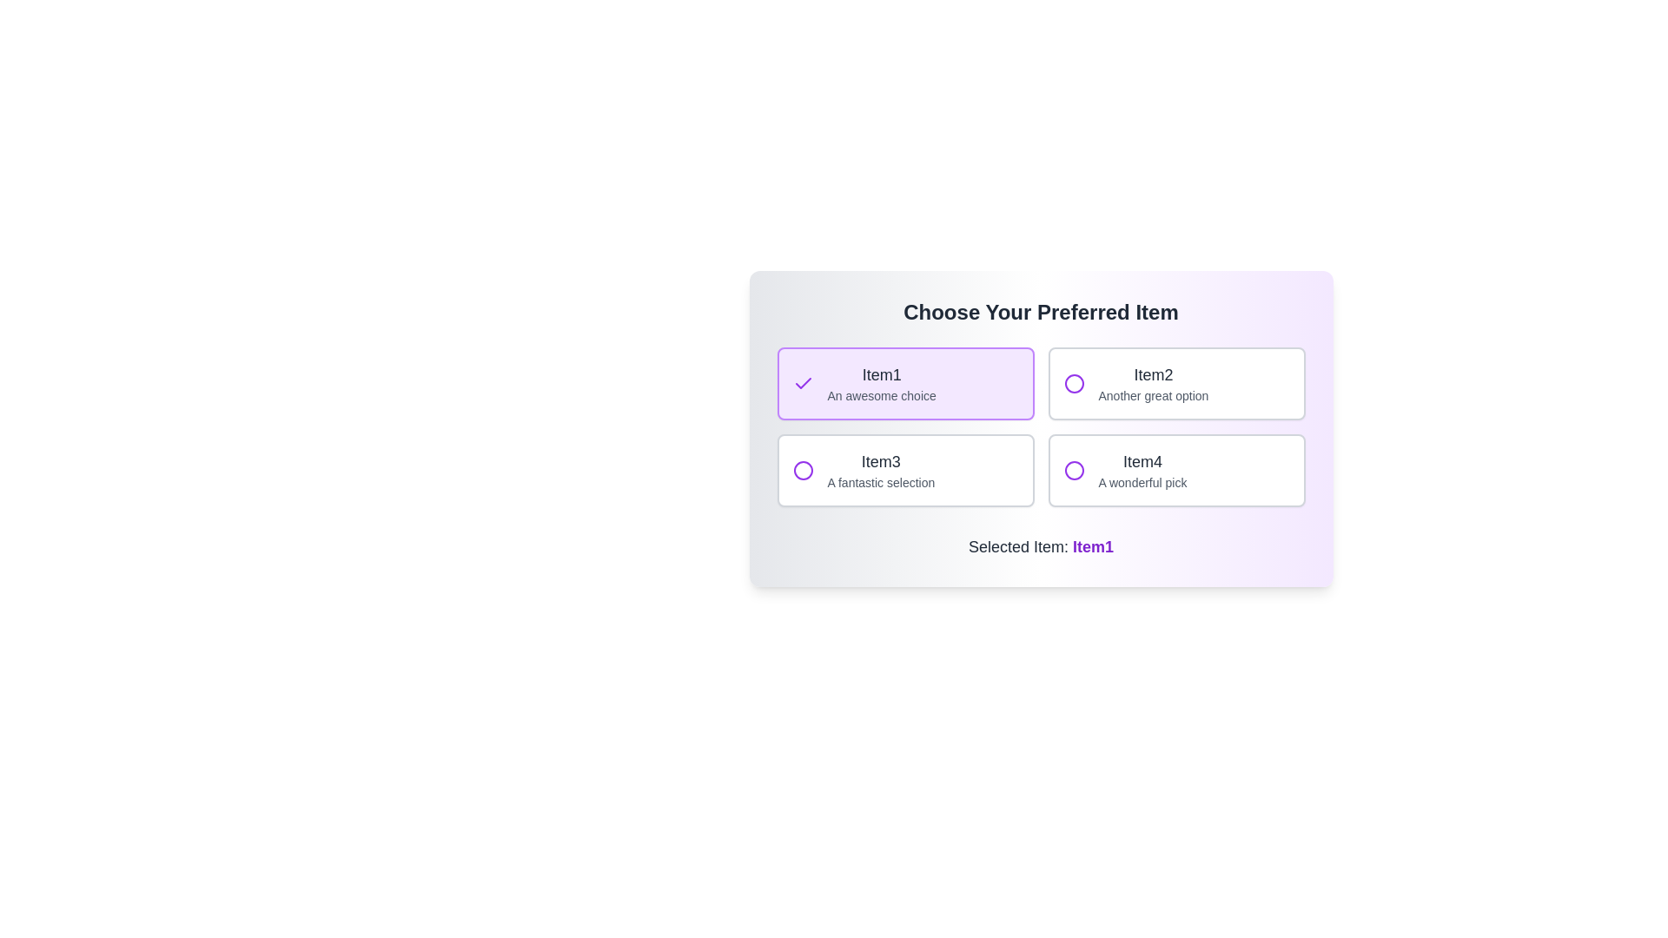 Image resolution: width=1668 pixels, height=938 pixels. What do you see at coordinates (1041, 545) in the screenshot?
I see `the static informational text display that indicates the currently selected item from the list above, positioned immediately below the selectable items` at bounding box center [1041, 545].